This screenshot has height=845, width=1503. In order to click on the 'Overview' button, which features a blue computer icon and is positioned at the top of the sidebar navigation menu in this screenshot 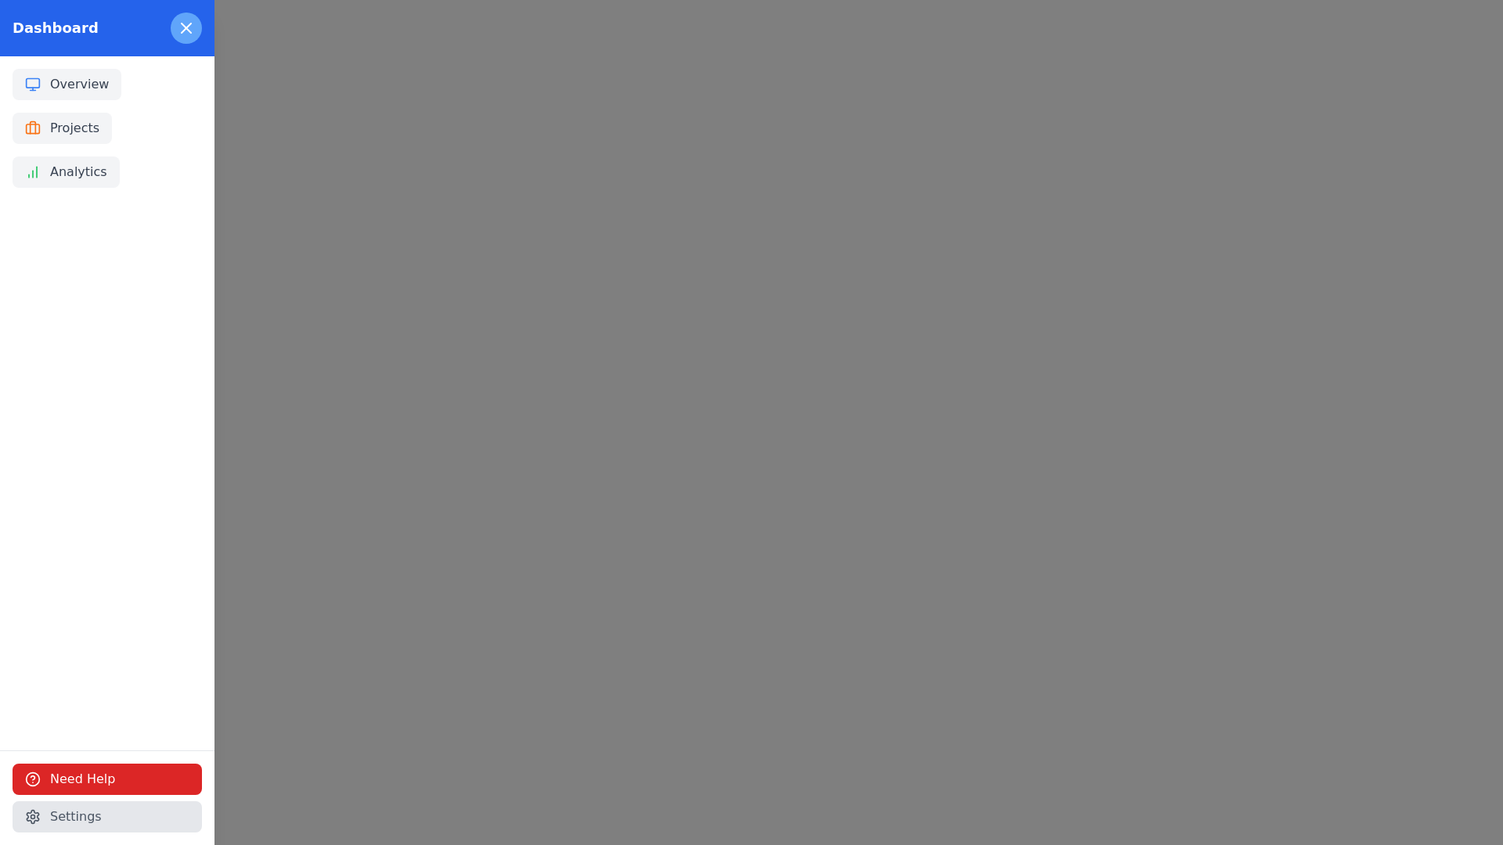, I will do `click(66, 84)`.